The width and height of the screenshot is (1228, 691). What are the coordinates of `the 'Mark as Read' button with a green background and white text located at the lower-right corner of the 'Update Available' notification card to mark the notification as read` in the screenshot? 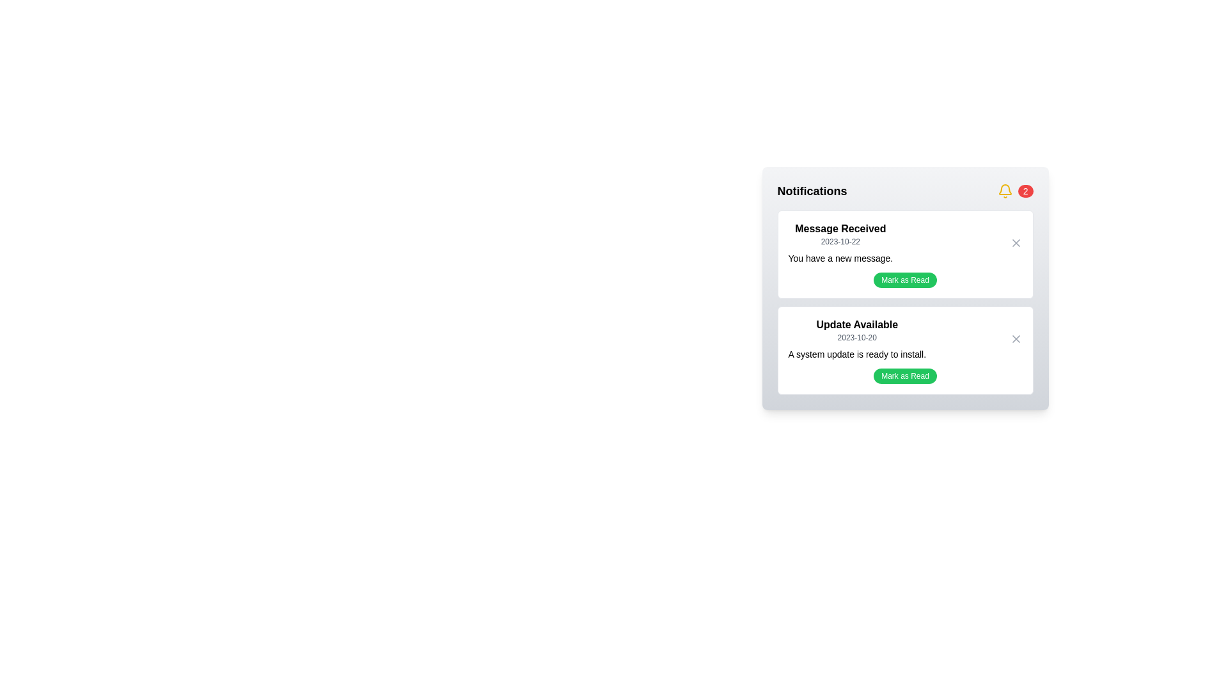 It's located at (904, 375).